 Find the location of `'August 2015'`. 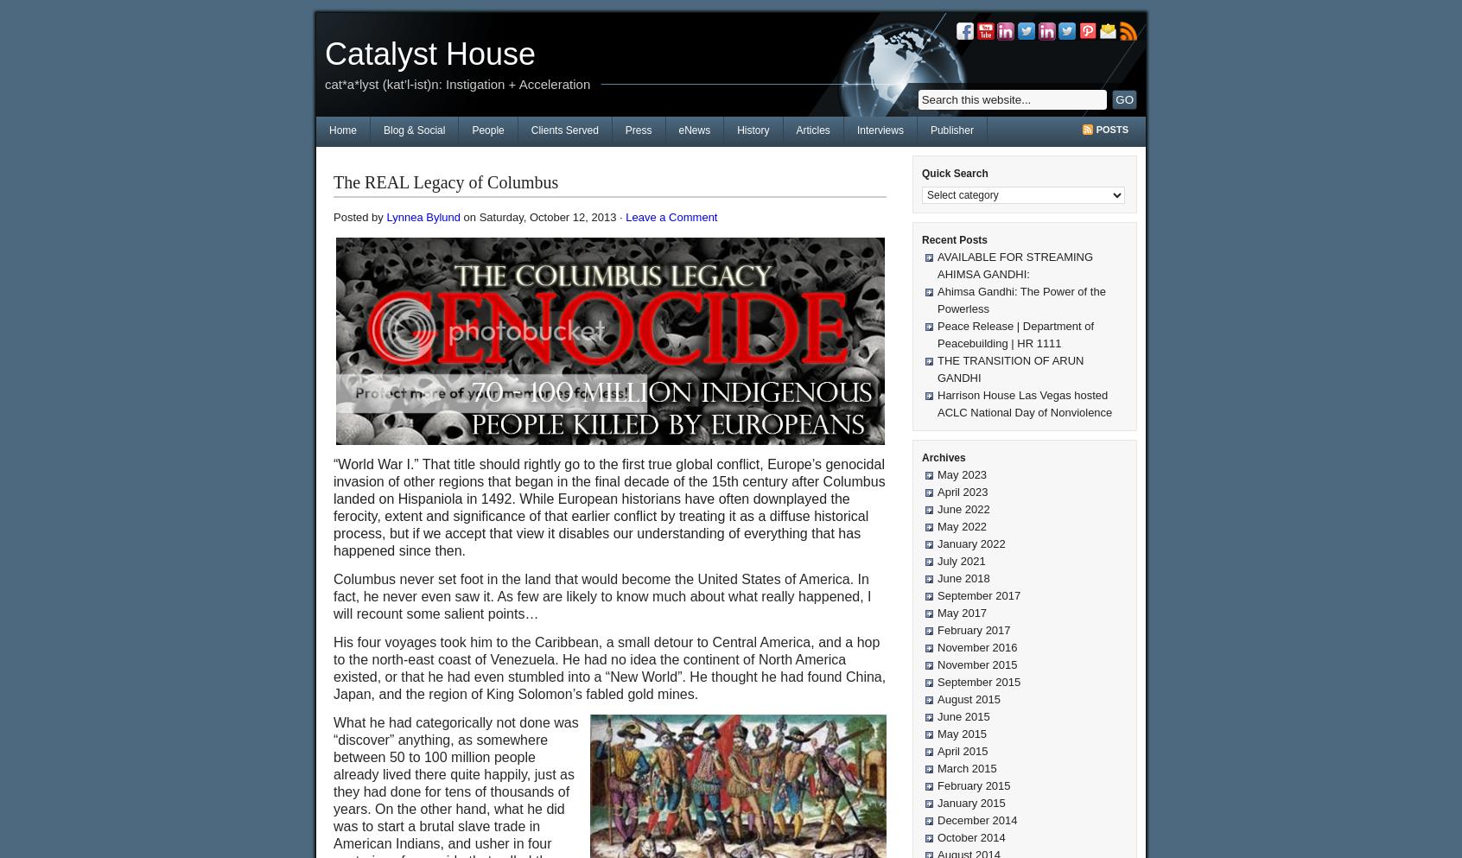

'August 2015' is located at coordinates (969, 699).